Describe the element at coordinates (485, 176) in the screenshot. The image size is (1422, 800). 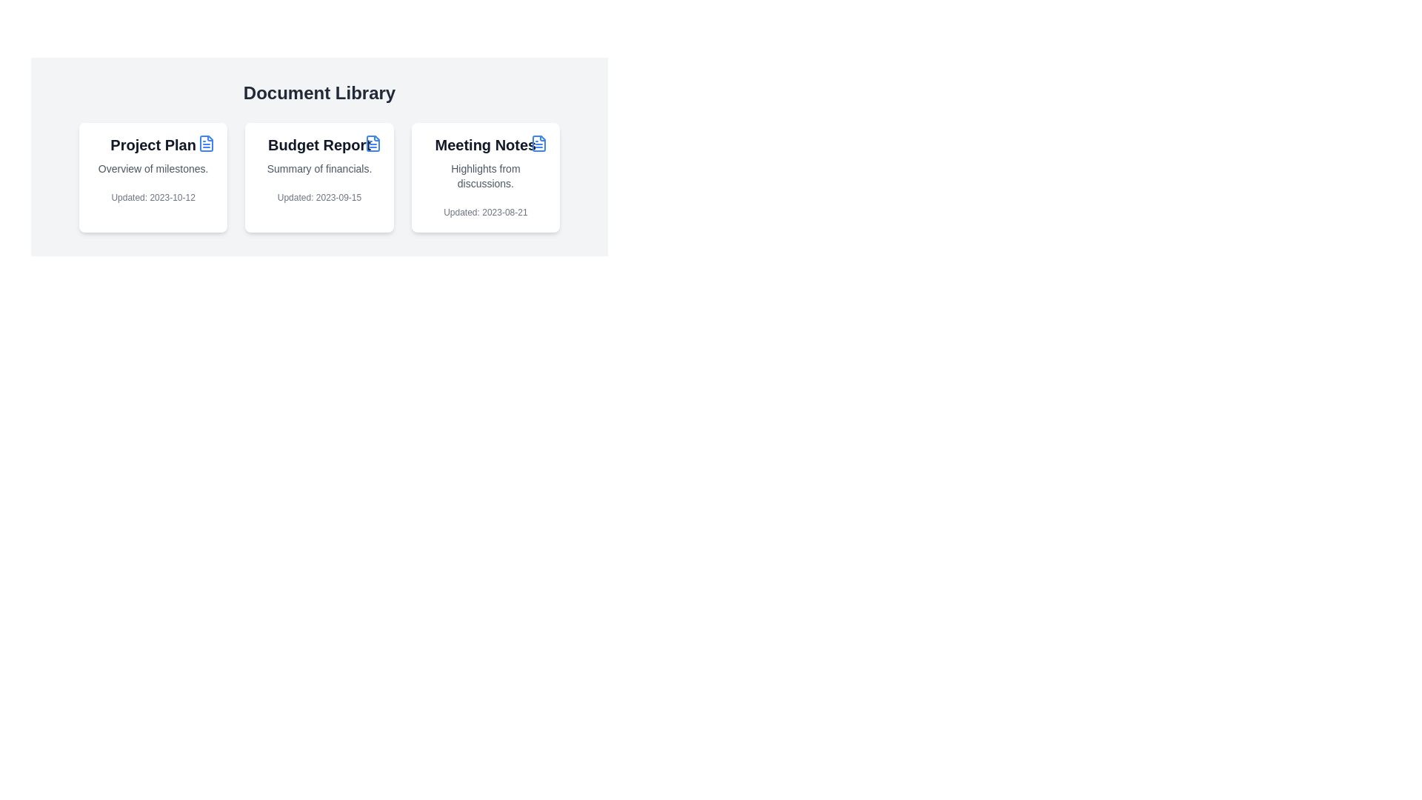
I see `contents of the card titled 'Meeting Notes', which is the third card in a grid layout, located in the bottom-right corner of the grid` at that location.